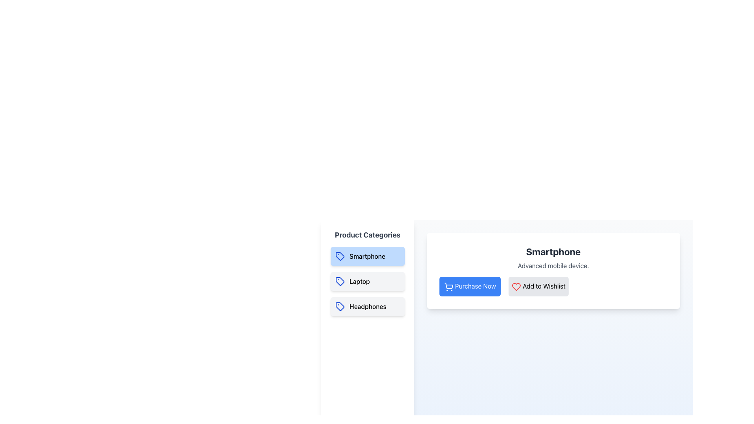 Image resolution: width=754 pixels, height=424 pixels. I want to click on the product title text label located at the top of the product card, which indicates the name of the product being showcased, so click(553, 251).